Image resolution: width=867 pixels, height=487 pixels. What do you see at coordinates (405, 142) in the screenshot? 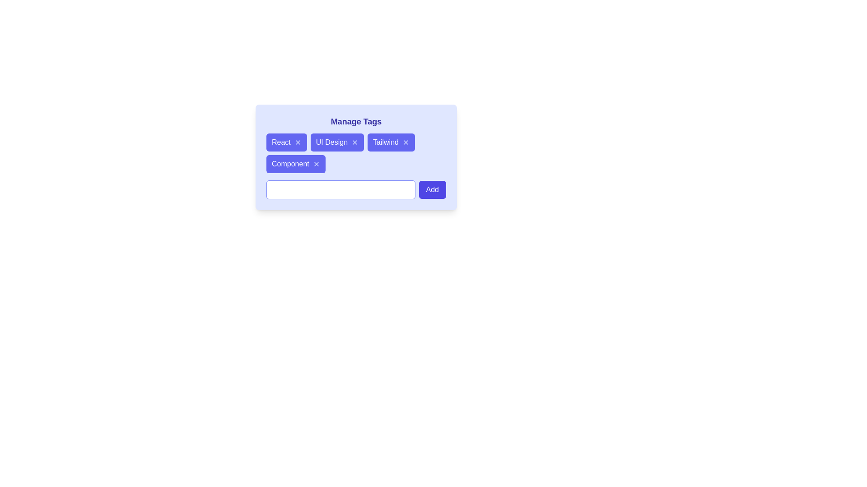
I see `the close button of the tag labeled Tailwind to remove it` at bounding box center [405, 142].